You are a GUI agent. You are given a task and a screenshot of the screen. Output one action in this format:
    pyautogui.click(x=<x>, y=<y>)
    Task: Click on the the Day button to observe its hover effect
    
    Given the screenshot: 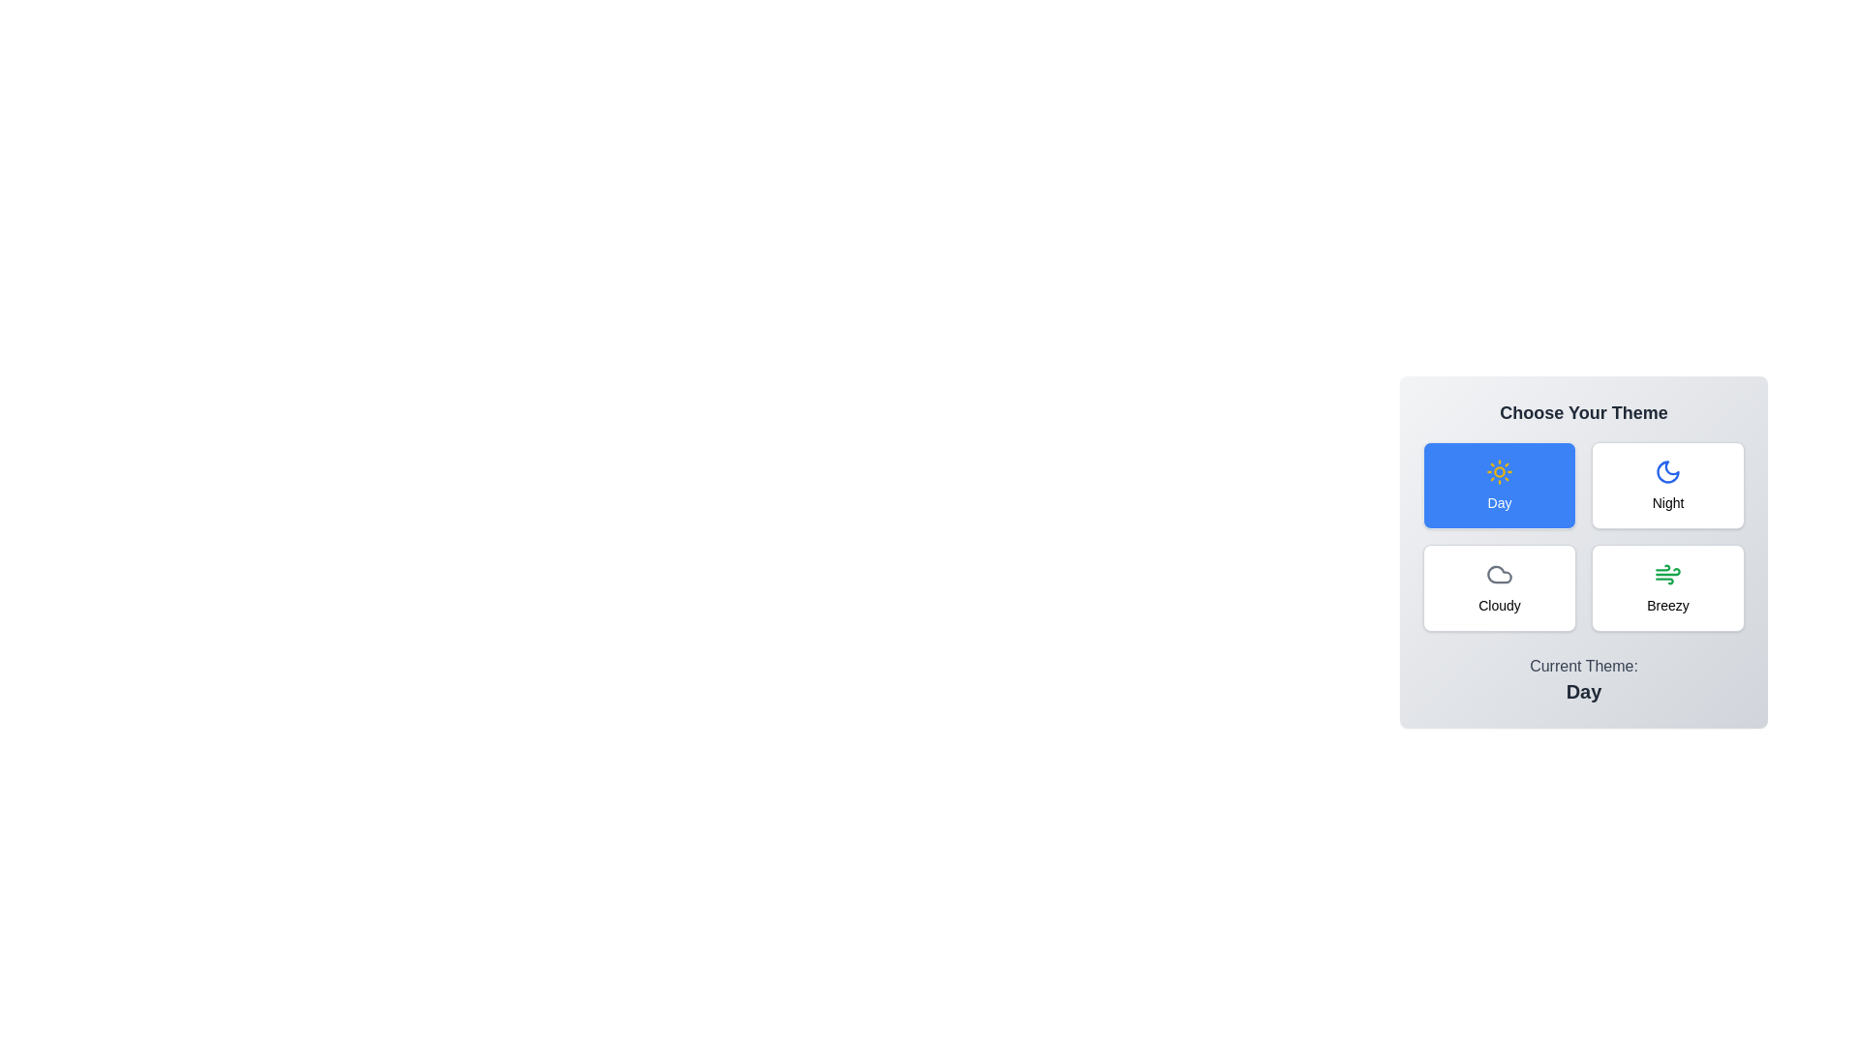 What is the action you would take?
    pyautogui.click(x=1499, y=484)
    